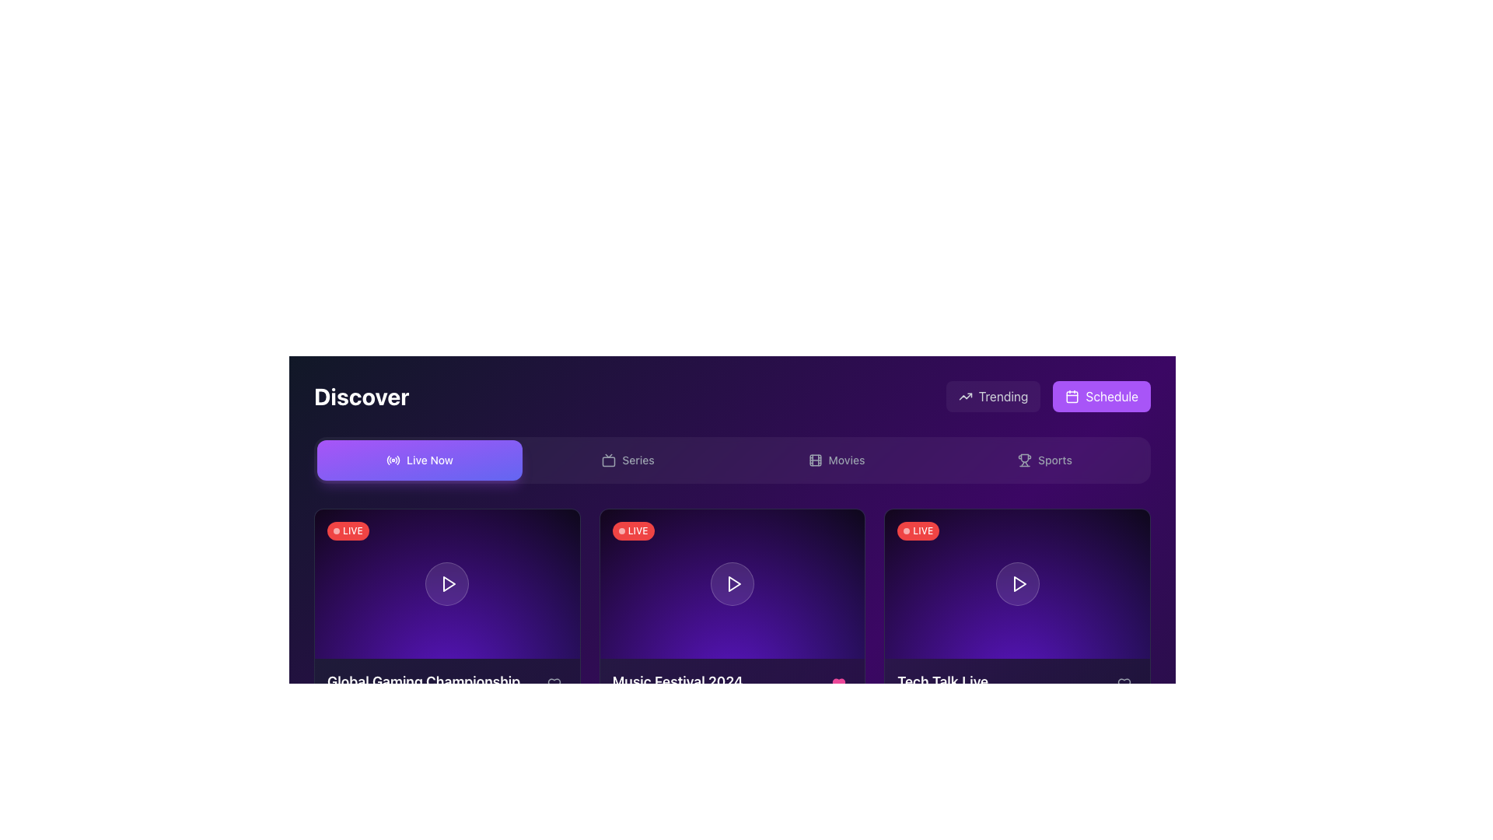 The width and height of the screenshot is (1493, 840). What do you see at coordinates (1017, 683) in the screenshot?
I see `text of the label displaying 'Tech Talk Live' in white color within a purple-themed card located at the bottom-center of the card` at bounding box center [1017, 683].